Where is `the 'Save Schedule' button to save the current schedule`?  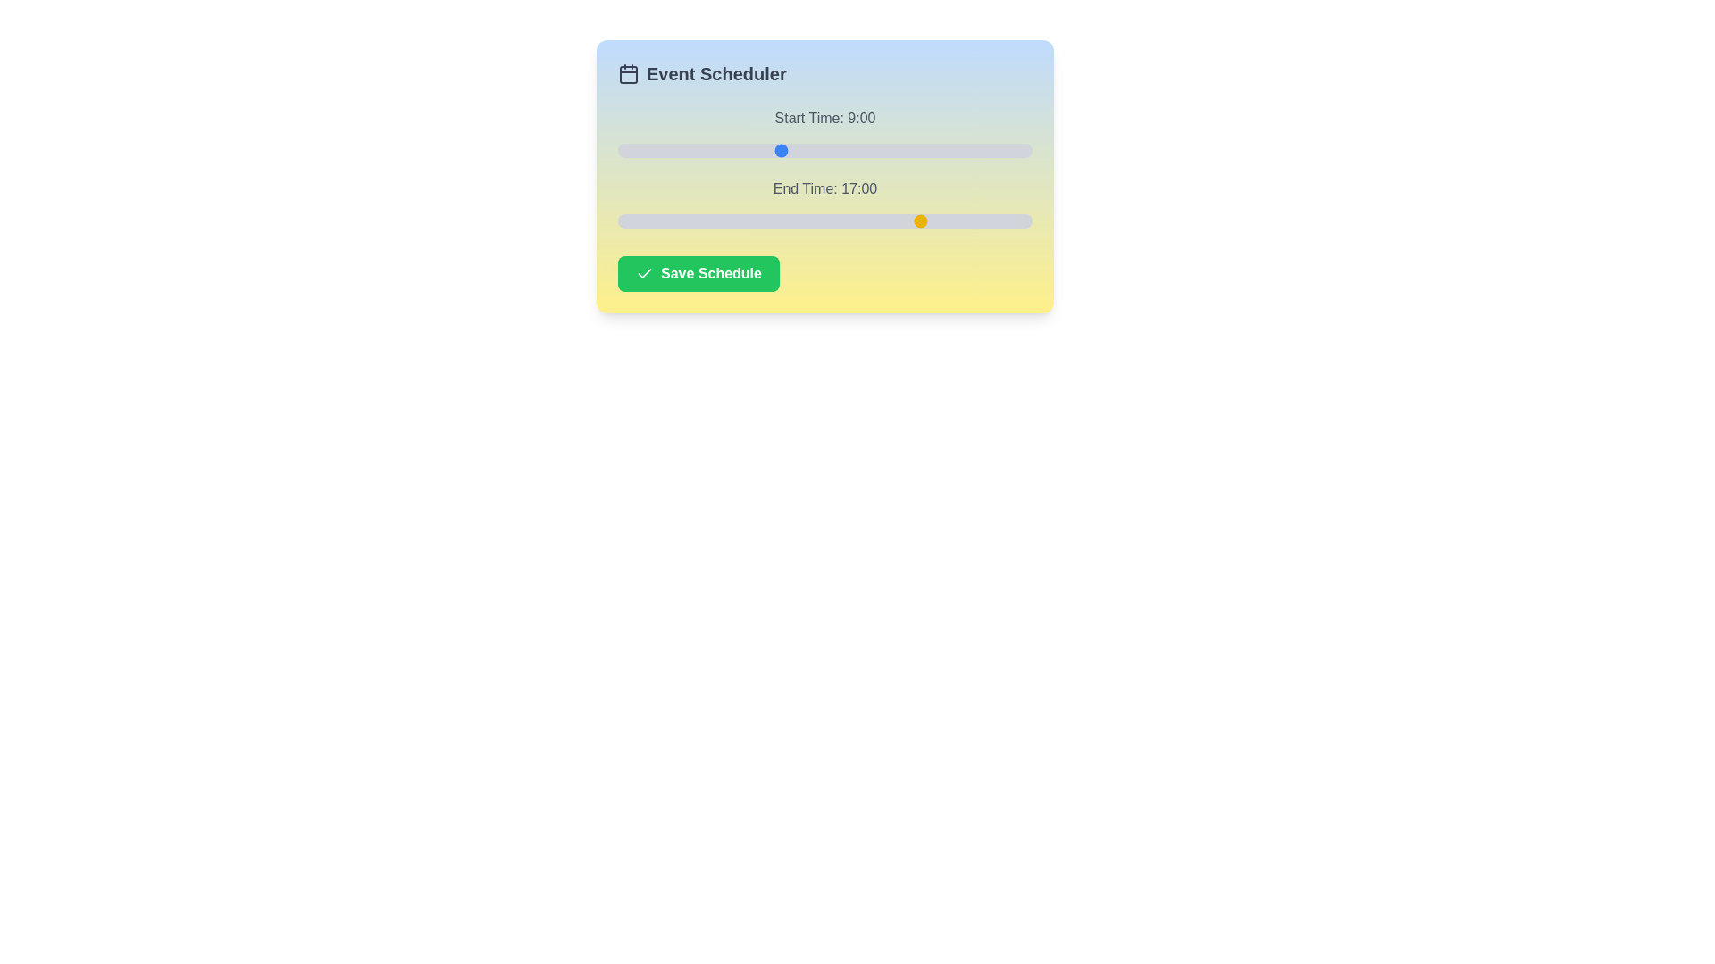 the 'Save Schedule' button to save the current schedule is located at coordinates (698, 274).